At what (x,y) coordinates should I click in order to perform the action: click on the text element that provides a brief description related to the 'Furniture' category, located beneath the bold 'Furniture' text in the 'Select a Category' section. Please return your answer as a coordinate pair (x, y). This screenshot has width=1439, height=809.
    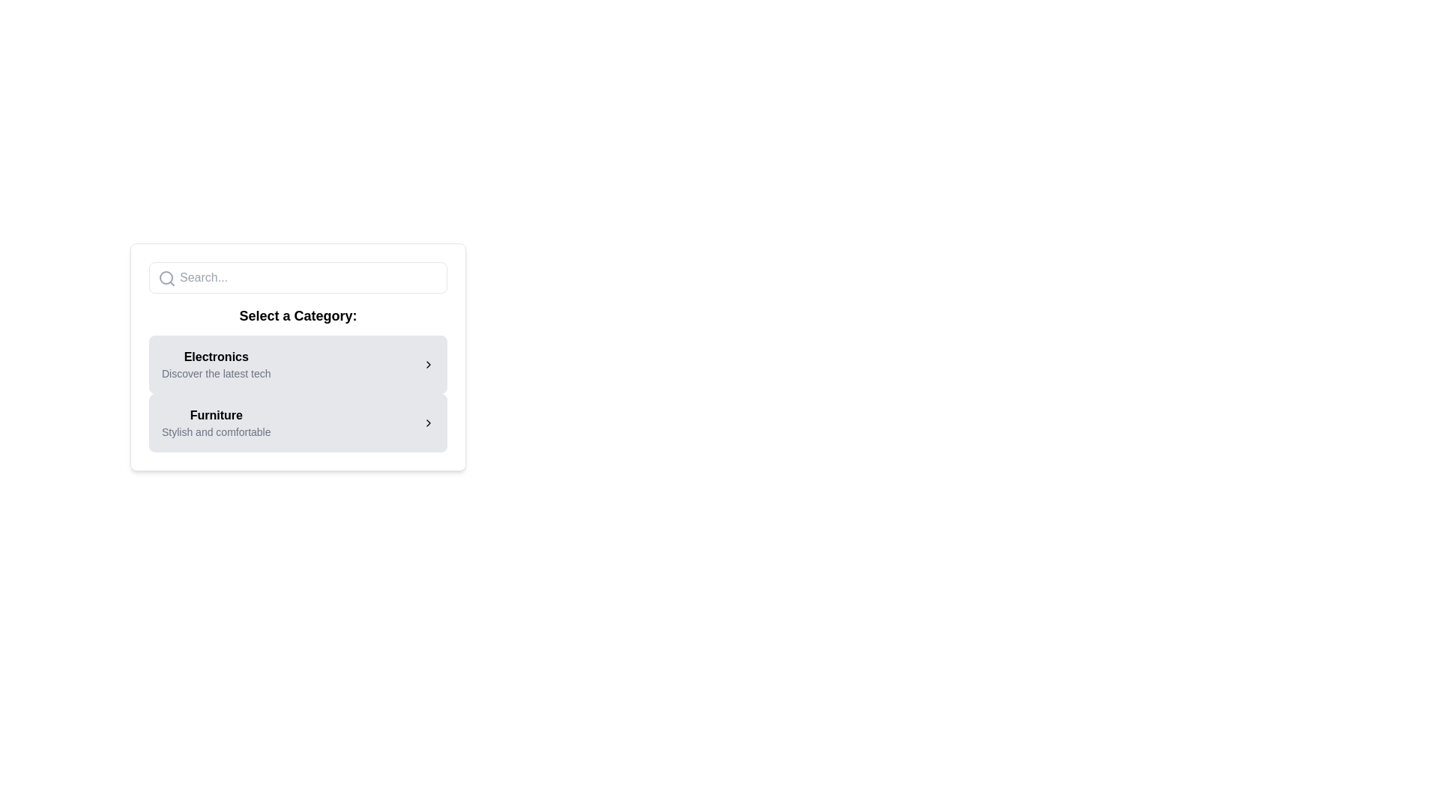
    Looking at the image, I should click on (215, 432).